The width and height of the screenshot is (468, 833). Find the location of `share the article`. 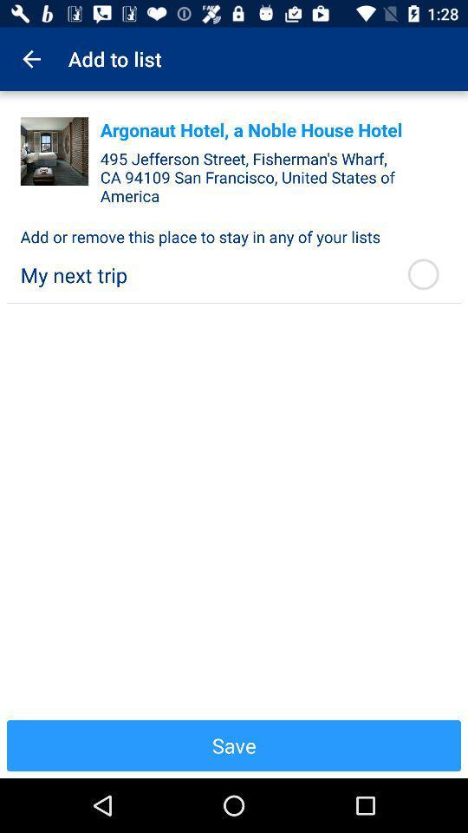

share the article is located at coordinates (55, 150).